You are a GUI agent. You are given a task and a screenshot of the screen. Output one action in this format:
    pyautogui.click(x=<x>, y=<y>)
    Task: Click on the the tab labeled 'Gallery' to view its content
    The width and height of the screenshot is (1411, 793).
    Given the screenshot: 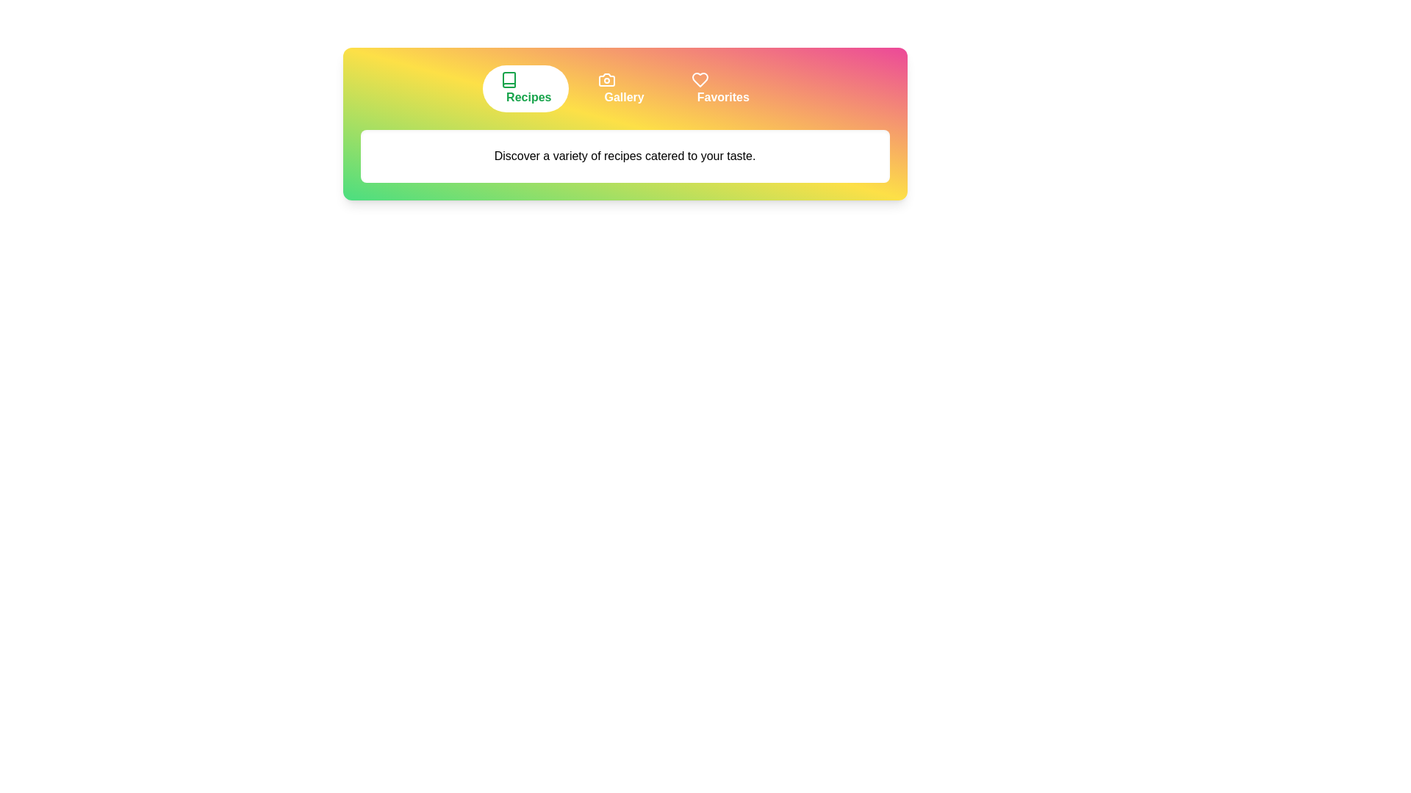 What is the action you would take?
    pyautogui.click(x=620, y=88)
    